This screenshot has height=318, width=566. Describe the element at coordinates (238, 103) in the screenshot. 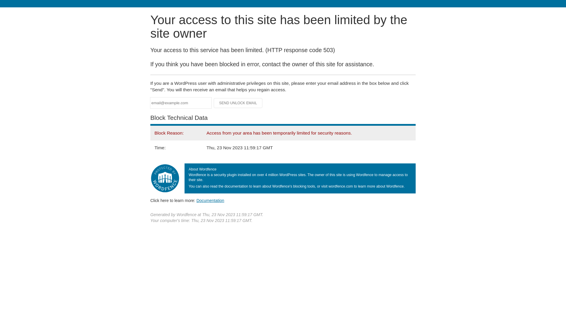

I see `'Send Unlock Email'` at that location.